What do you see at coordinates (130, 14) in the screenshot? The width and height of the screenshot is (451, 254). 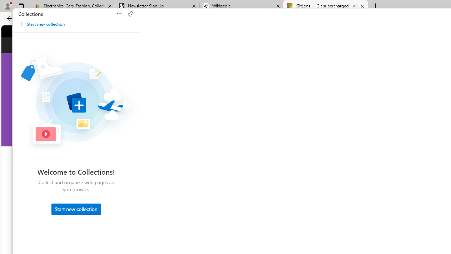 I see `'Pin Collections'` at bounding box center [130, 14].